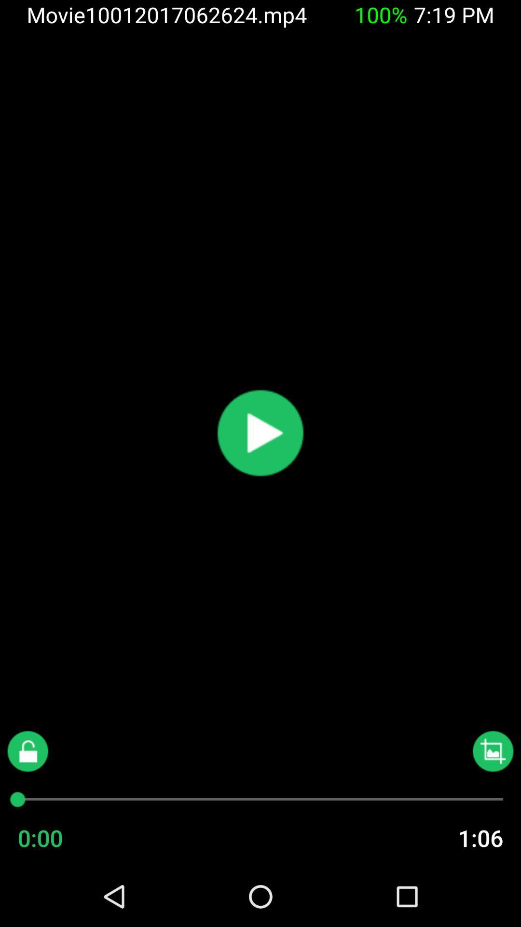 Image resolution: width=521 pixels, height=927 pixels. I want to click on the wallpaper icon, so click(493, 804).